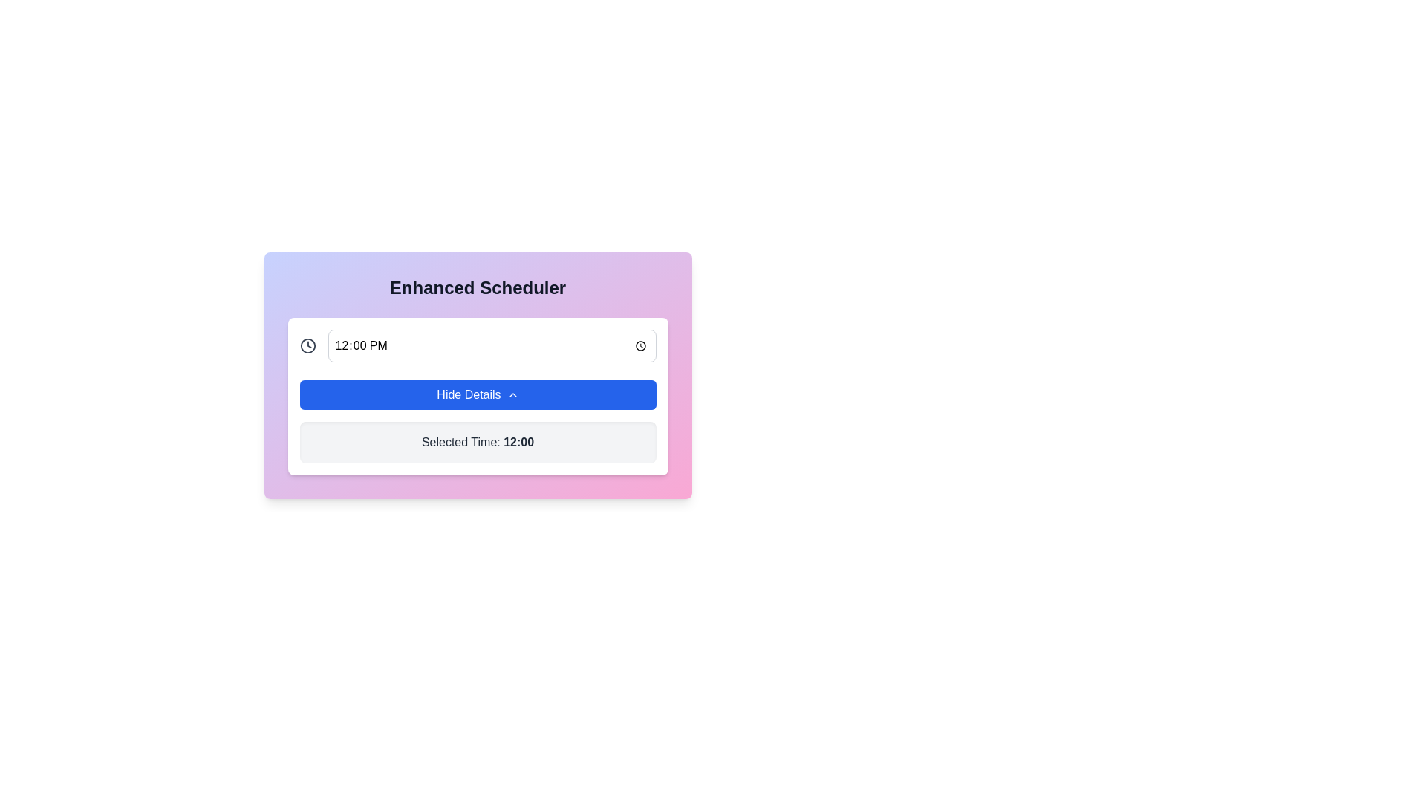 The width and height of the screenshot is (1426, 802). Describe the element at coordinates (307, 346) in the screenshot. I see `the circular clock icon located to the left of the '12:00 PM' text input box, which serves as a visual indicator for time selection` at that location.